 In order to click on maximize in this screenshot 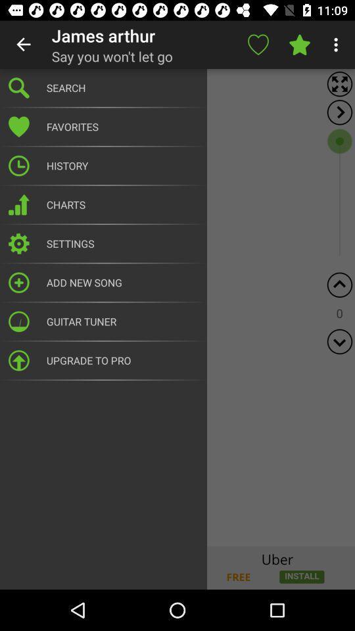, I will do `click(339, 83)`.